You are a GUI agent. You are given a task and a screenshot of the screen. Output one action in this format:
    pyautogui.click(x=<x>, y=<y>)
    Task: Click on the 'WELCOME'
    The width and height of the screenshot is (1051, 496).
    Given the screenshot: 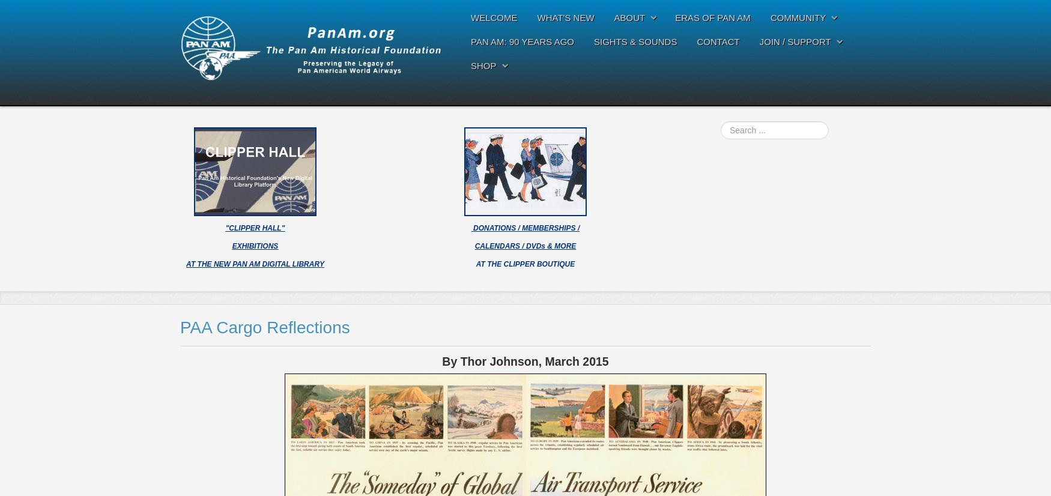 What is the action you would take?
    pyautogui.click(x=470, y=17)
    